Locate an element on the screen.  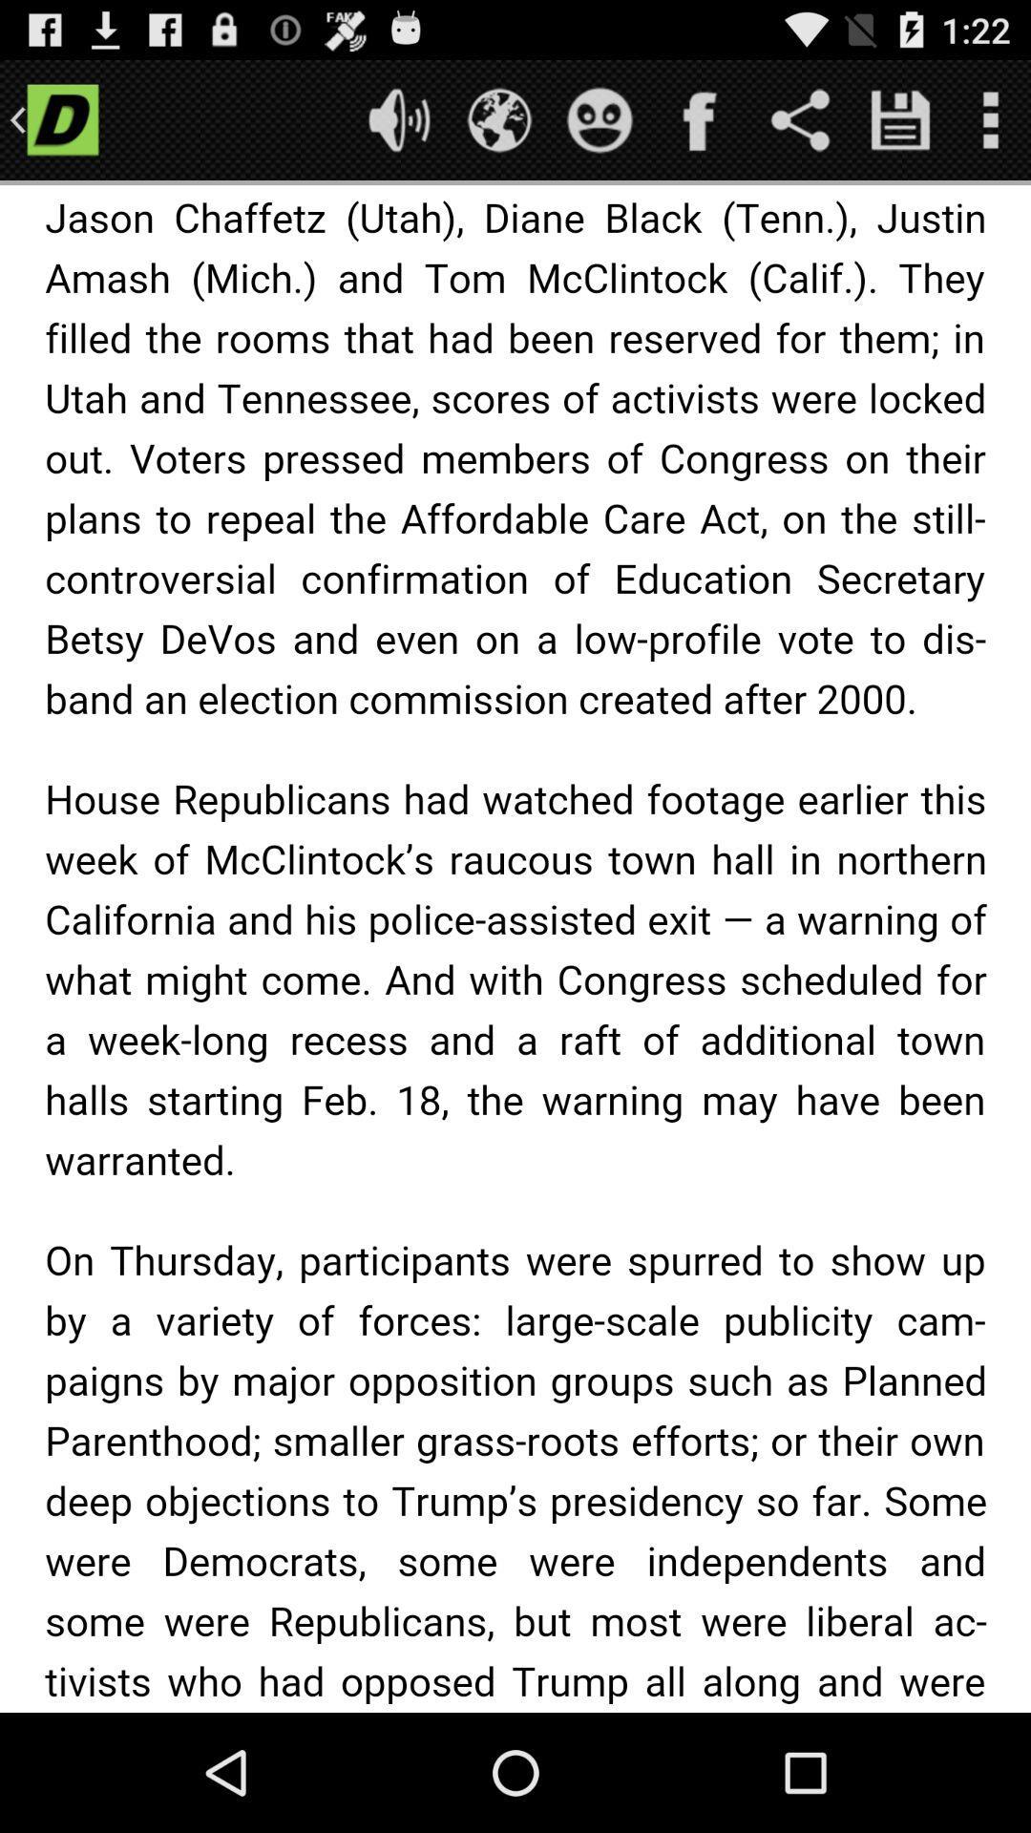
share the article is located at coordinates (800, 118).